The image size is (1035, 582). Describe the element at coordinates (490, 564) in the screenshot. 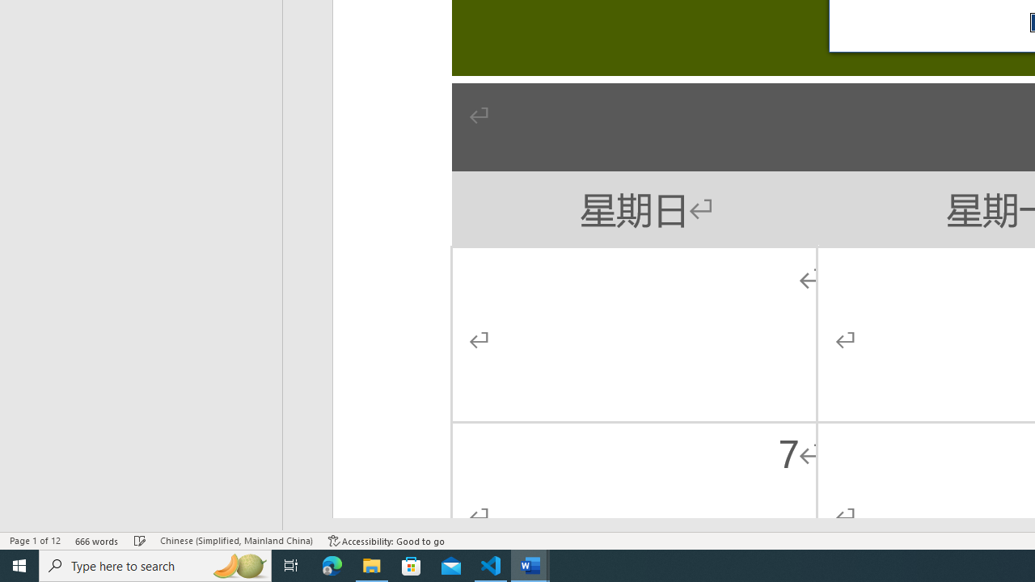

I see `'Visual Studio Code - 1 running window'` at that location.